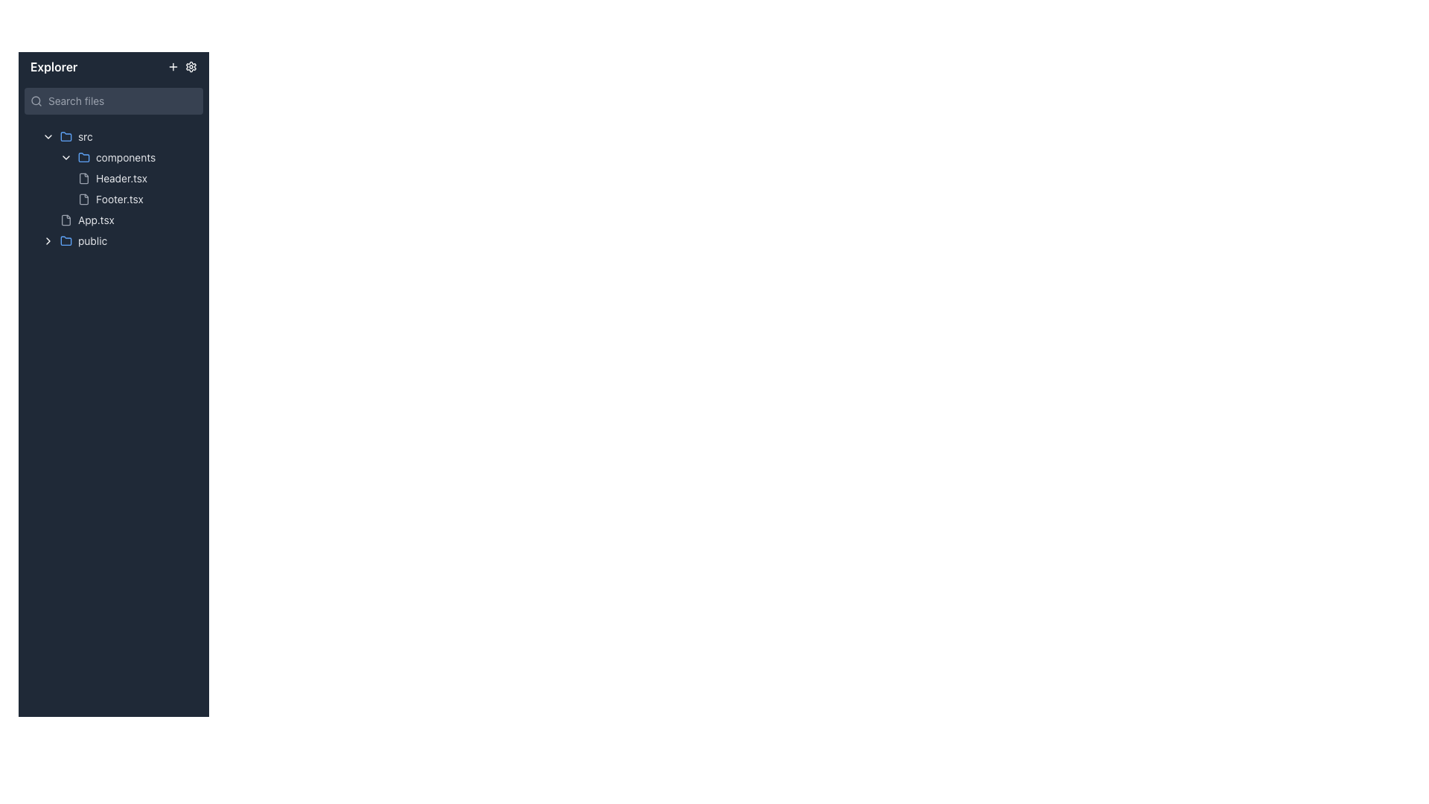 This screenshot has width=1429, height=804. I want to click on the file type icon representing 'App.tsx' in the directory list, which is the leftmost element preceding the text label, so click(65, 220).